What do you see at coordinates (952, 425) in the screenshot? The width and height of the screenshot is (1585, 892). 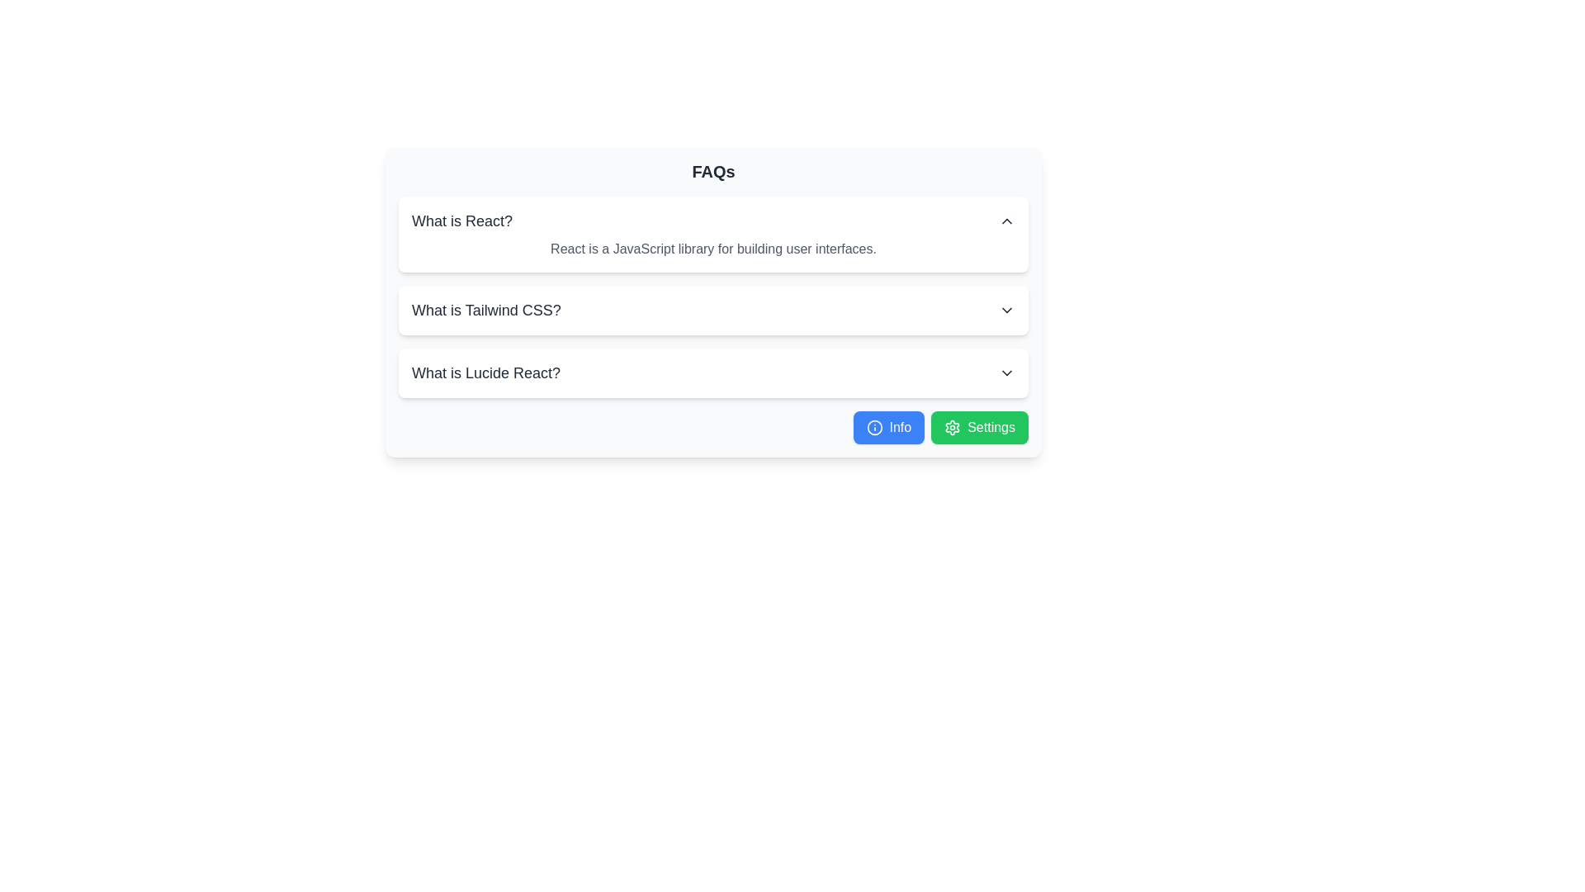 I see `decorative gear icon that is part of the 'Settings' button located at the bottom-right corner of the FAQ section for its properties` at bounding box center [952, 425].